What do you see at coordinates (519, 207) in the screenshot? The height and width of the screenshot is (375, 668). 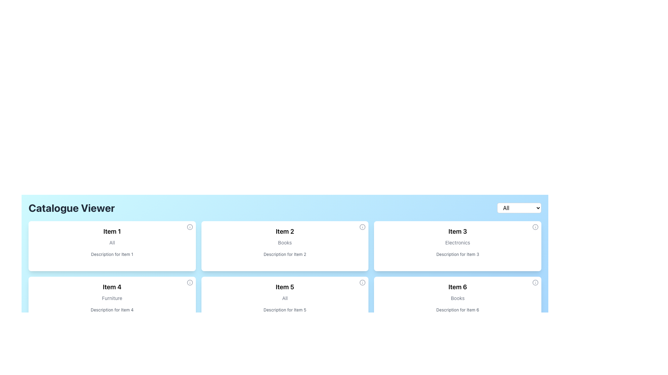 I see `the dropdown menu located at the top-right corner of the interface, adjacent to the 'Catalogue Viewer' title` at bounding box center [519, 207].